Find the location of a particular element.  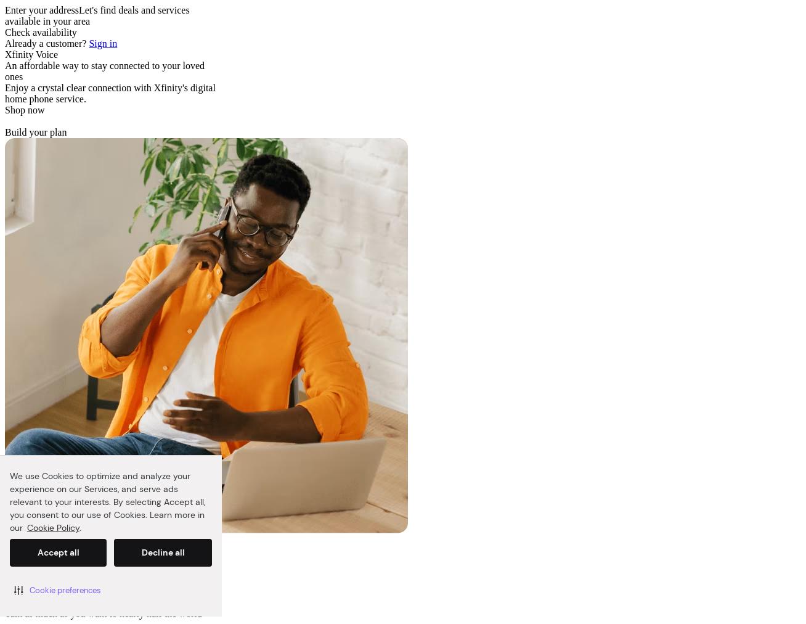

'Decline all' is located at coordinates (161, 552).